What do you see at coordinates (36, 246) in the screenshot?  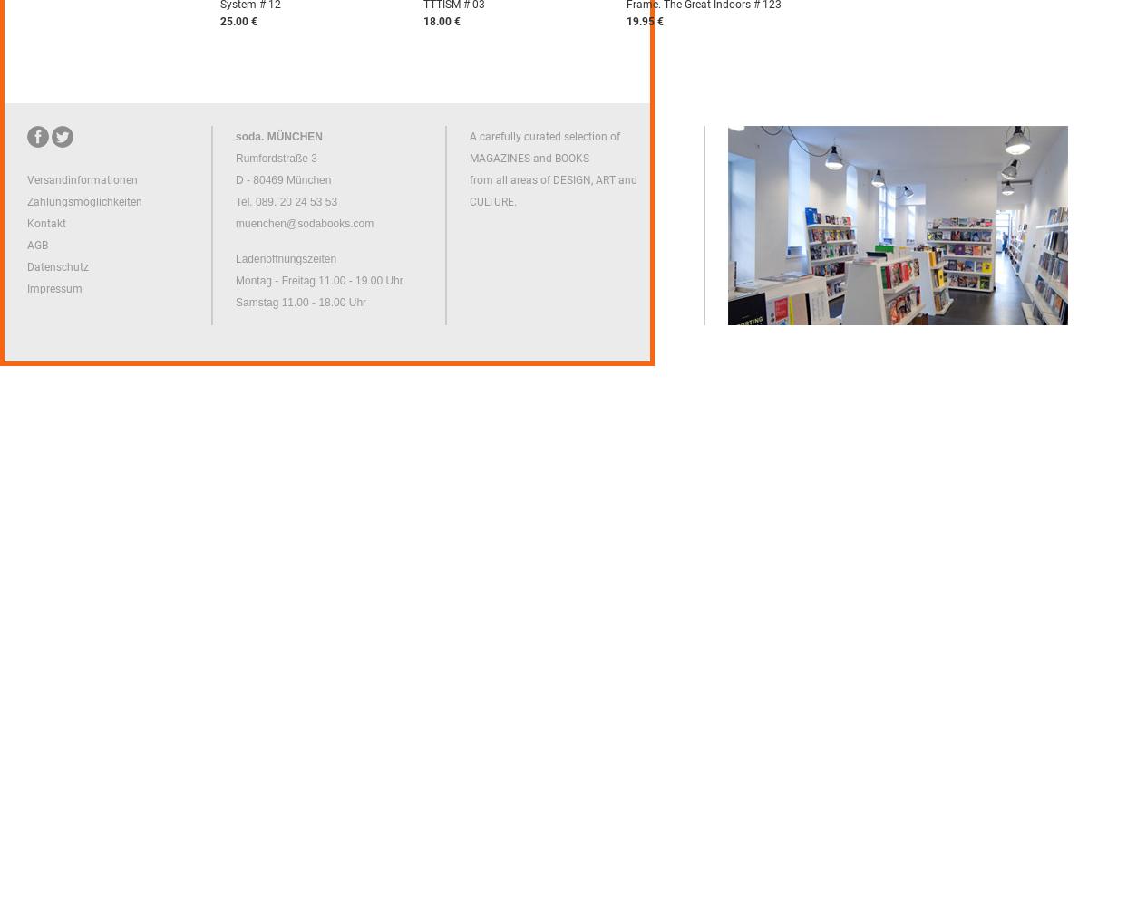 I see `'AGB'` at bounding box center [36, 246].